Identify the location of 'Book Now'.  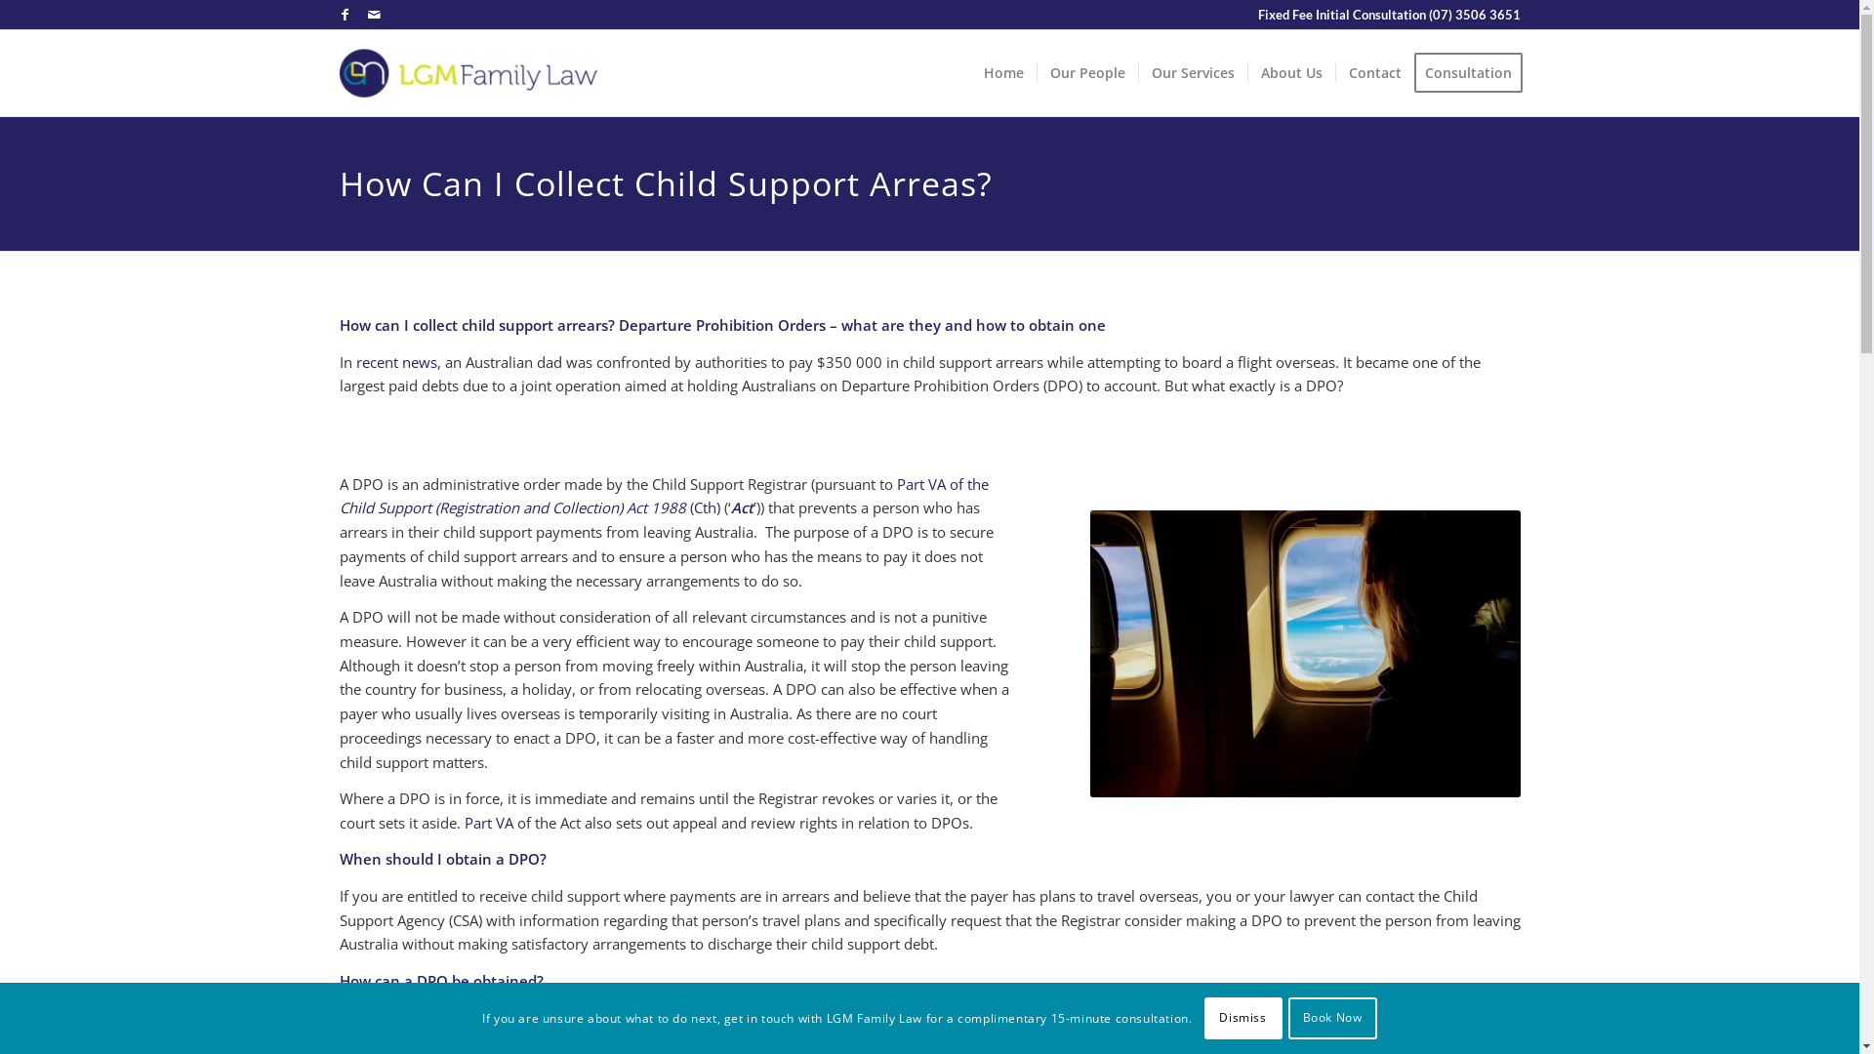
(1331, 1016).